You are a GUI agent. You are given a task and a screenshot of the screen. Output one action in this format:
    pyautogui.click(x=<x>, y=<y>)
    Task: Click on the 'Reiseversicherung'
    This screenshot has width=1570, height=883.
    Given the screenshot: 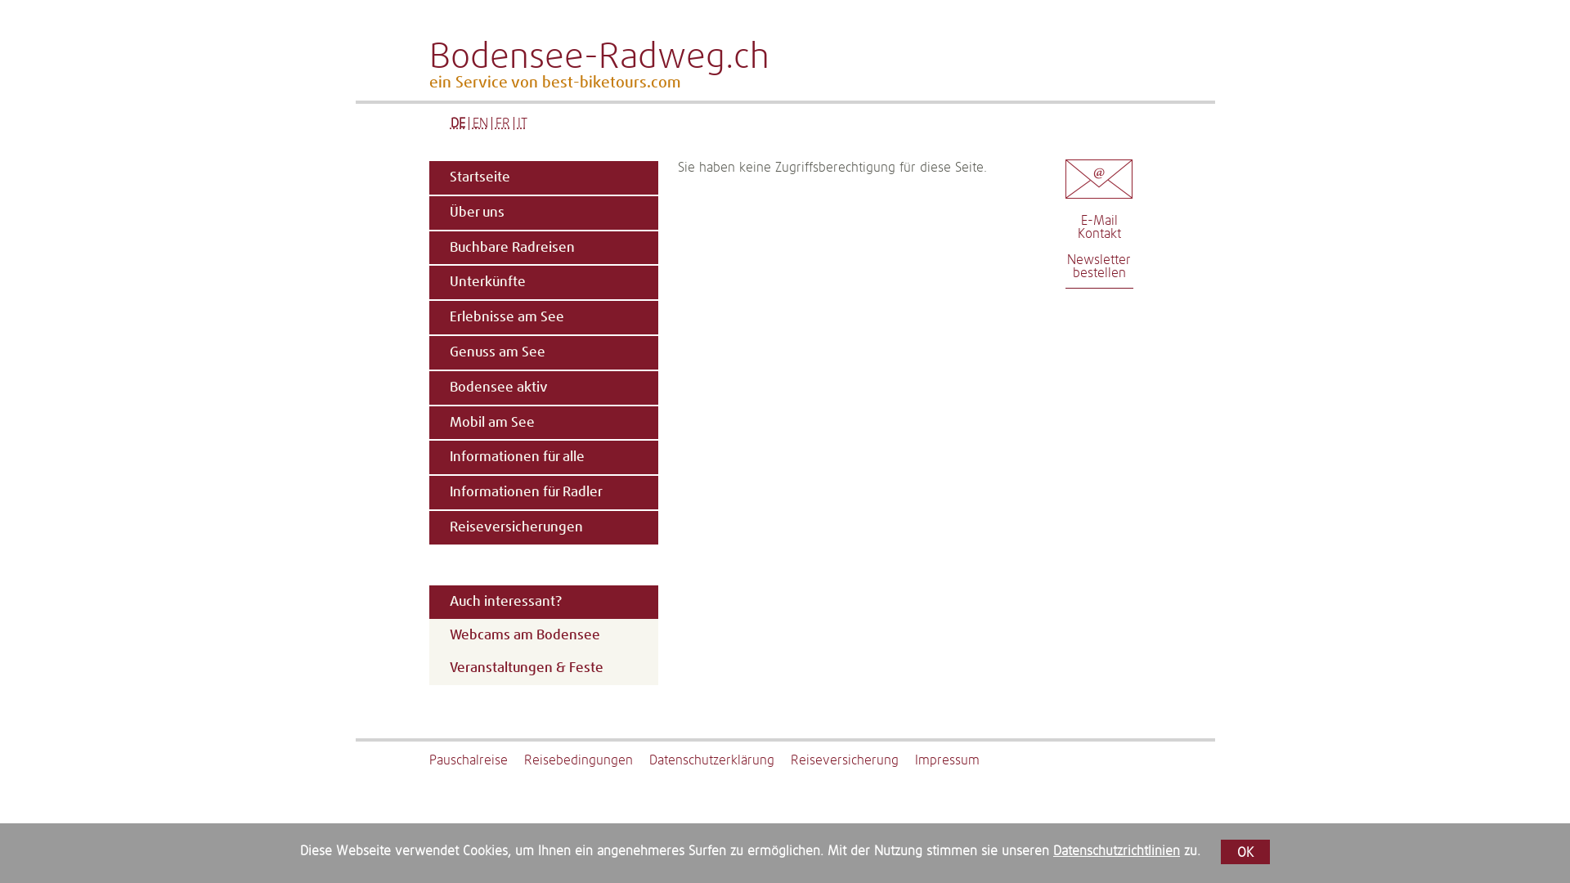 What is the action you would take?
    pyautogui.click(x=850, y=760)
    